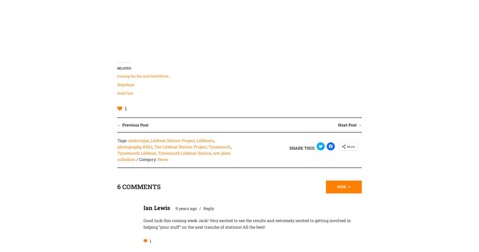 The height and width of the screenshot is (252, 479). Describe the element at coordinates (172, 140) in the screenshot. I see `'Lifeboat Station Project'` at that location.